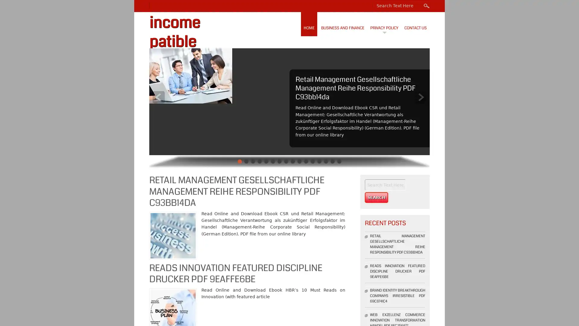  What do you see at coordinates (376, 197) in the screenshot?
I see `Search` at bounding box center [376, 197].